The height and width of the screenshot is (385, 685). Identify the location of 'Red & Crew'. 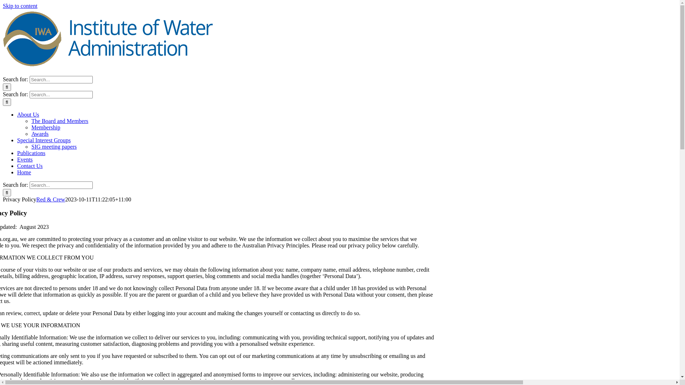
(36, 199).